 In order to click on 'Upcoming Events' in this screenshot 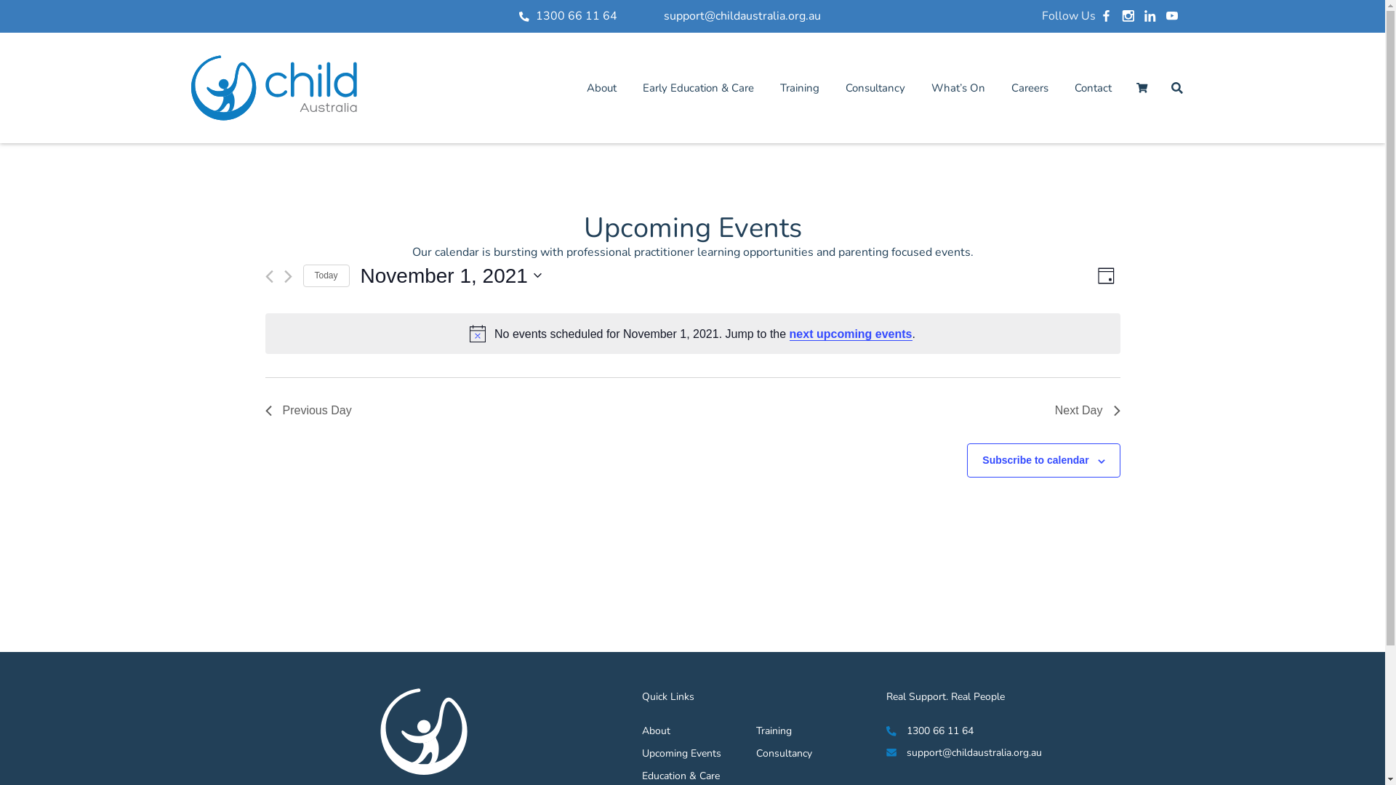, I will do `click(681, 752)`.